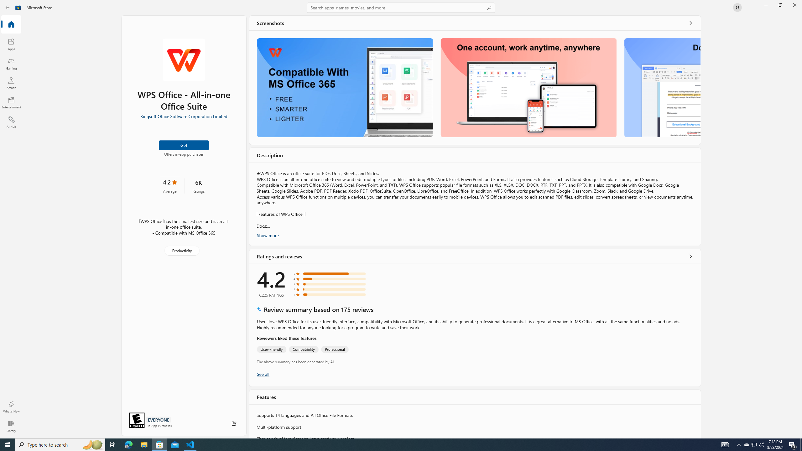 The width and height of the screenshot is (802, 451). I want to click on 'Restore Microsoft Store', so click(780, 5).